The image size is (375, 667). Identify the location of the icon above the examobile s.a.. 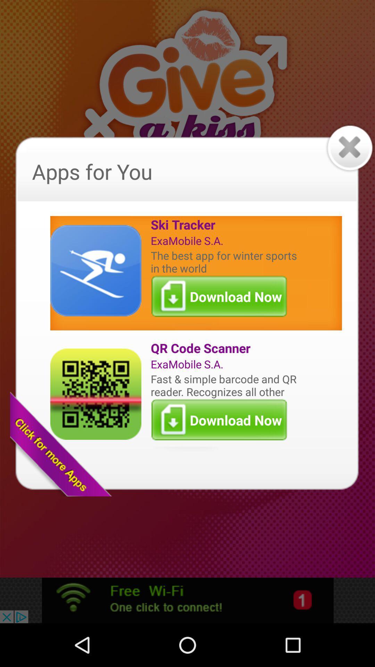
(225, 224).